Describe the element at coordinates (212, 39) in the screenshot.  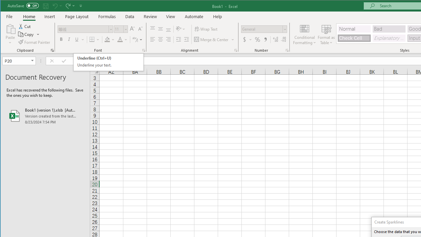
I see `'Merge & Center'` at that location.